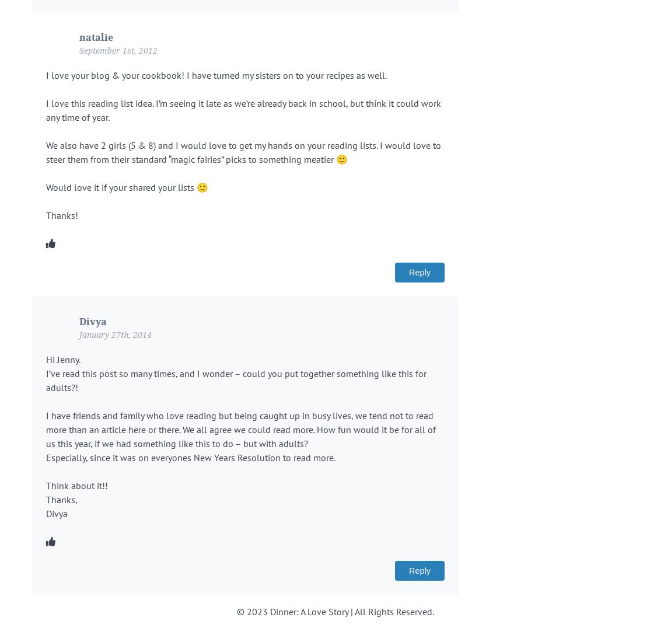 The width and height of the screenshot is (671, 628). What do you see at coordinates (76, 484) in the screenshot?
I see `'Think about it!!'` at bounding box center [76, 484].